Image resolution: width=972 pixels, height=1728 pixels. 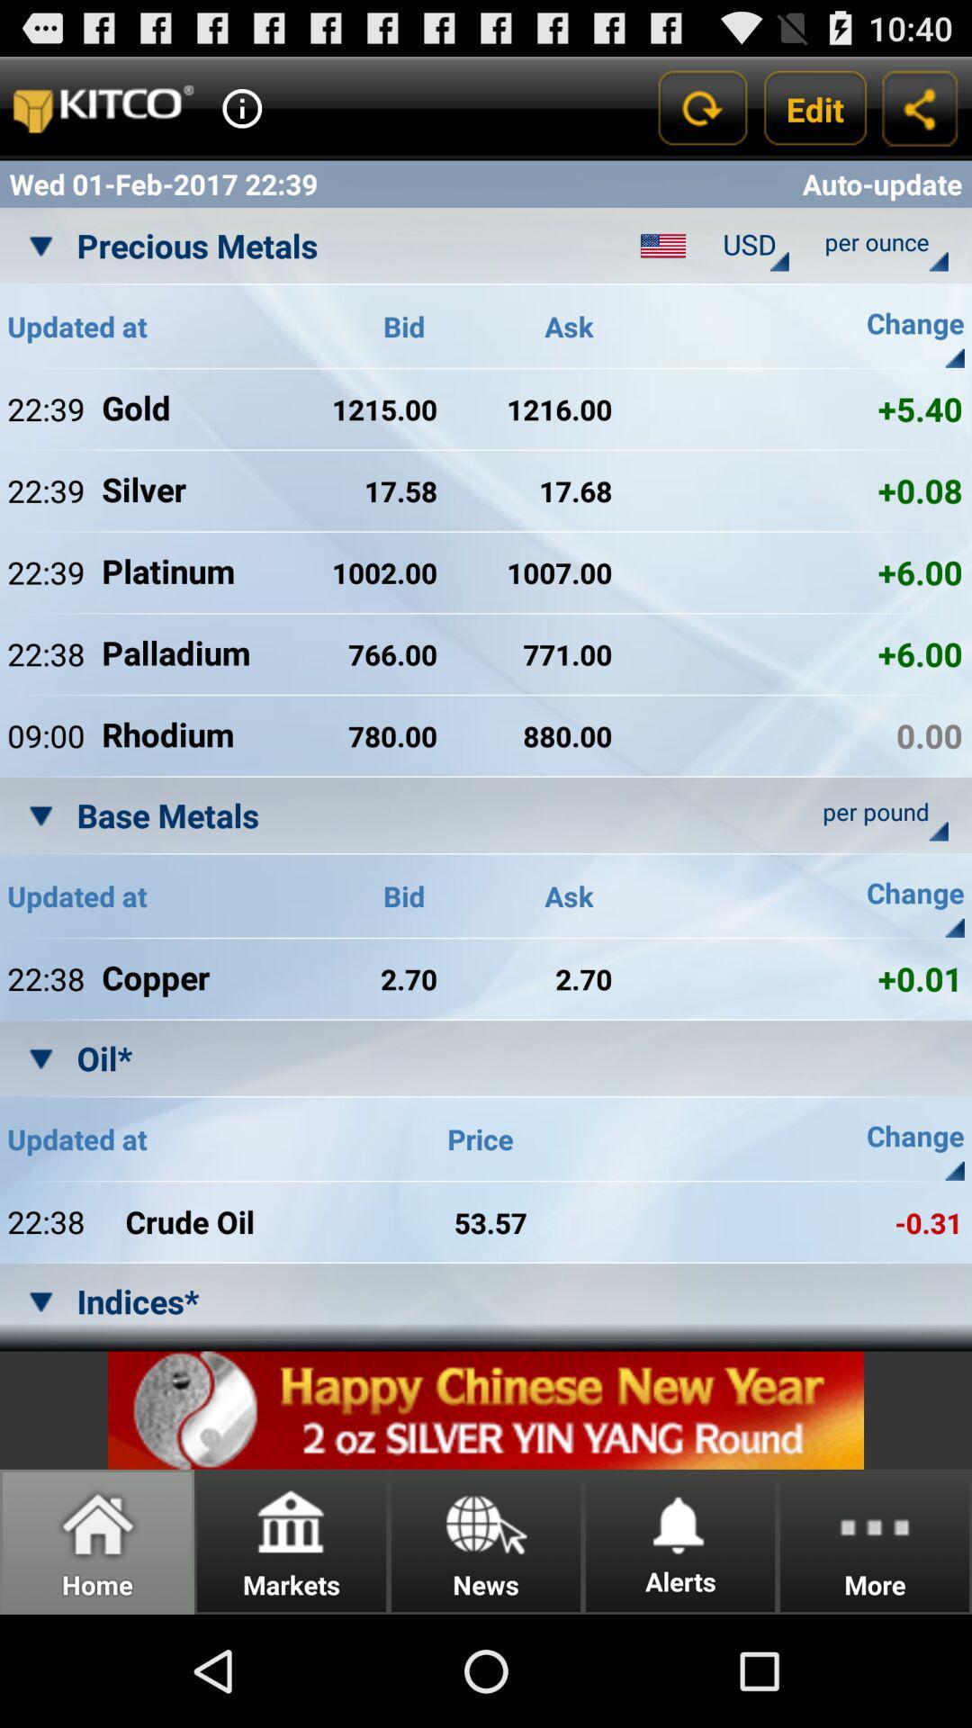 I want to click on the icon right to alerts icon, so click(x=874, y=1541).